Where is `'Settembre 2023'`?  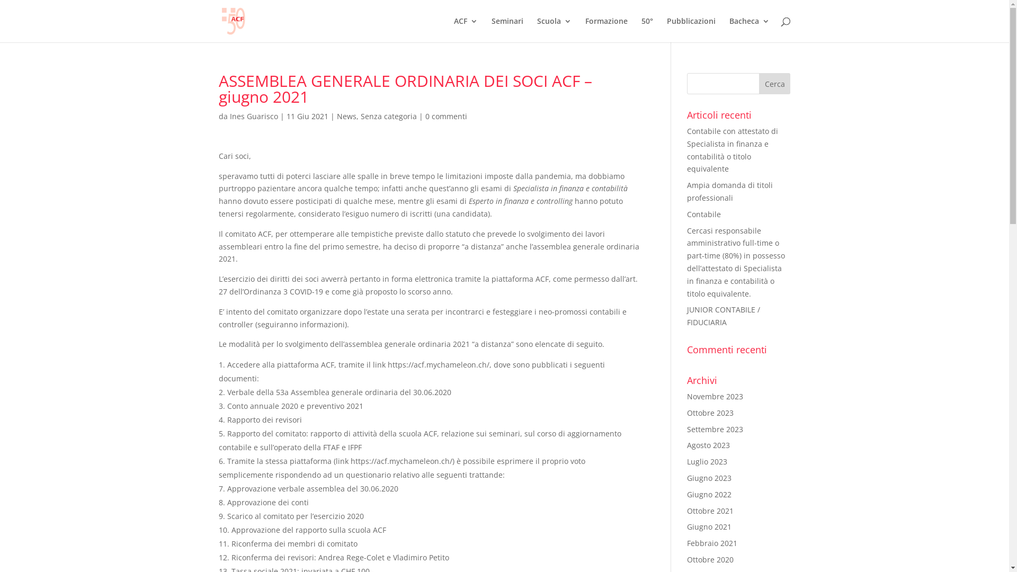 'Settembre 2023' is located at coordinates (686, 429).